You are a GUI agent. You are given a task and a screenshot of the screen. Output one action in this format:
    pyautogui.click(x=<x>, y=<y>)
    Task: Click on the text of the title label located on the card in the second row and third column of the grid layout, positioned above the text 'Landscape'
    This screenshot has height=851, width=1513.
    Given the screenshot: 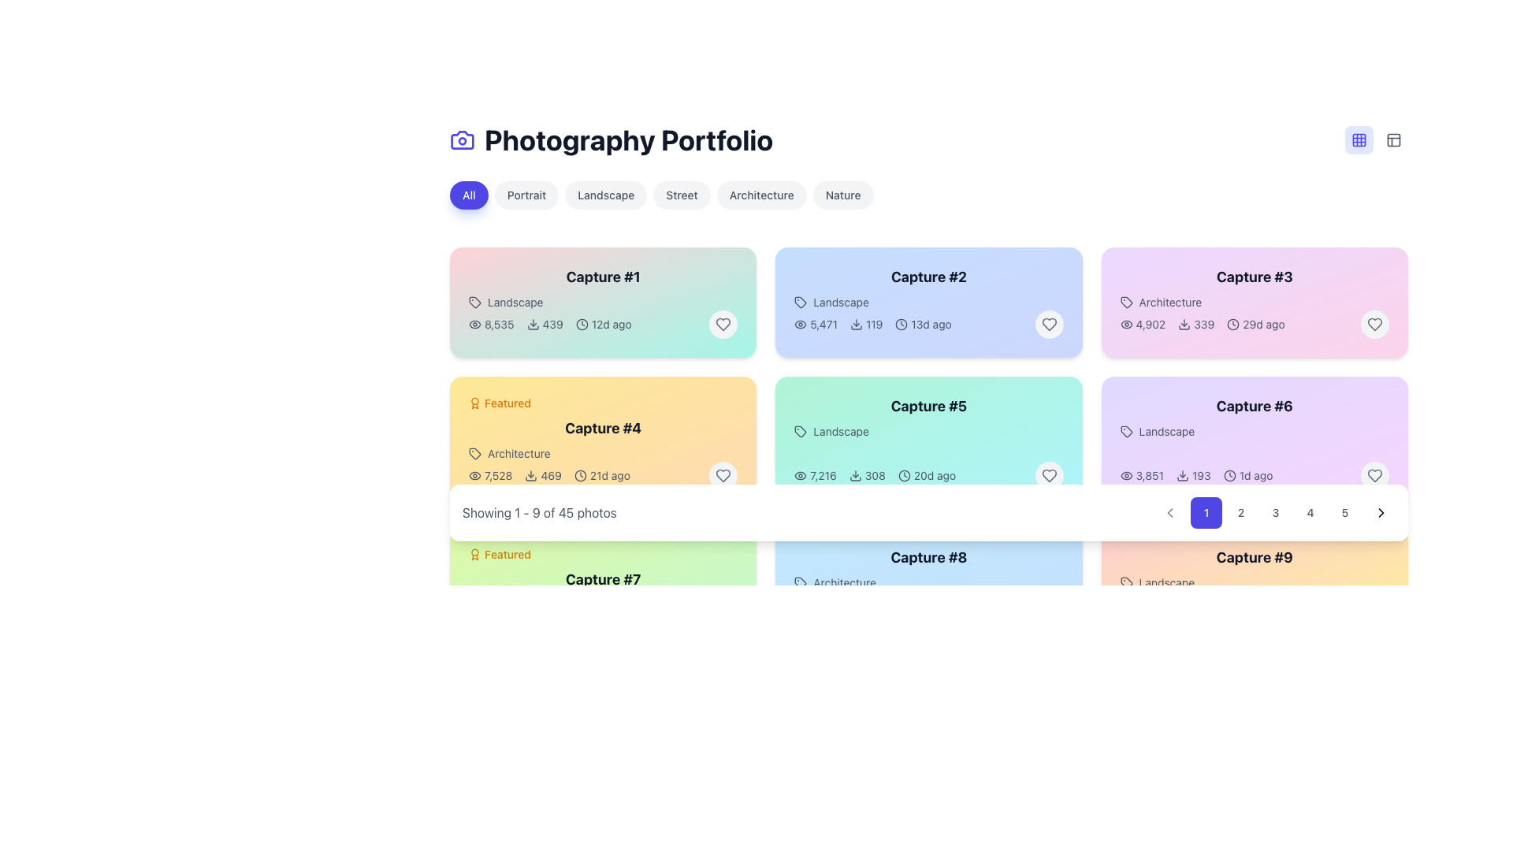 What is the action you would take?
    pyautogui.click(x=1254, y=406)
    